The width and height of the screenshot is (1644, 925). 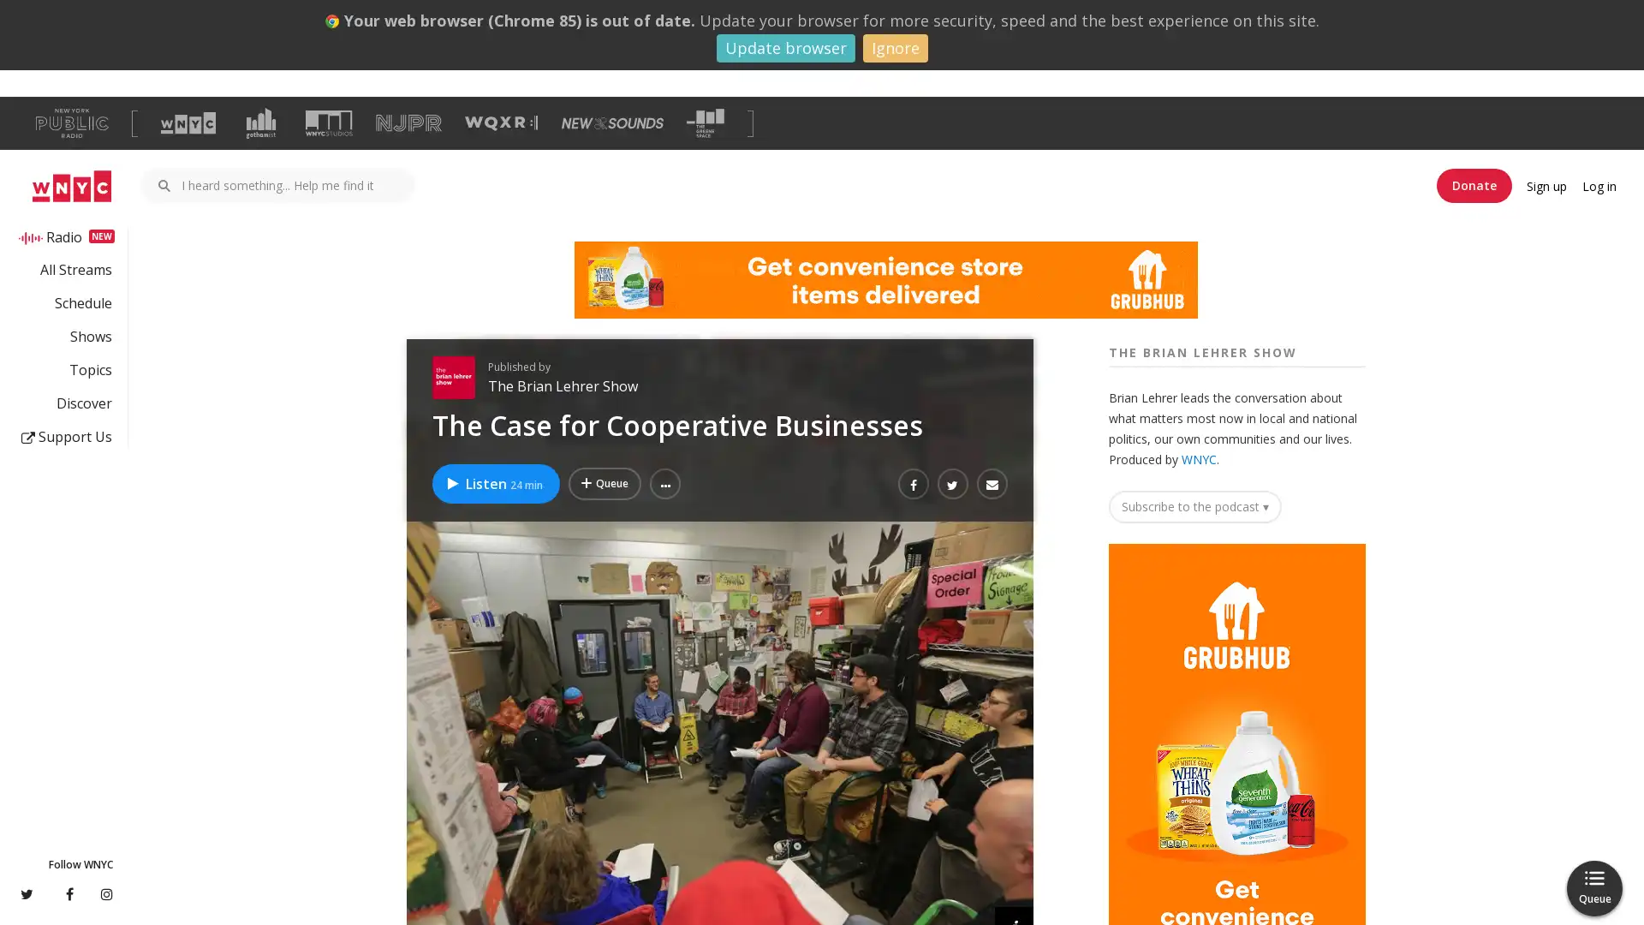 What do you see at coordinates (894, 47) in the screenshot?
I see `Ignore` at bounding box center [894, 47].